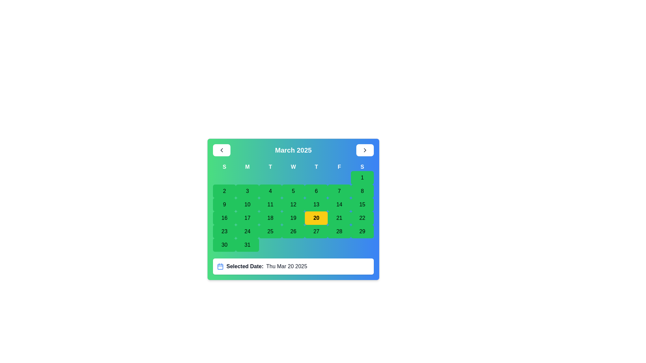 This screenshot has height=363, width=646. What do you see at coordinates (270, 204) in the screenshot?
I see `the button with the text '11' on a green background in the calendar grid to change its visual style` at bounding box center [270, 204].